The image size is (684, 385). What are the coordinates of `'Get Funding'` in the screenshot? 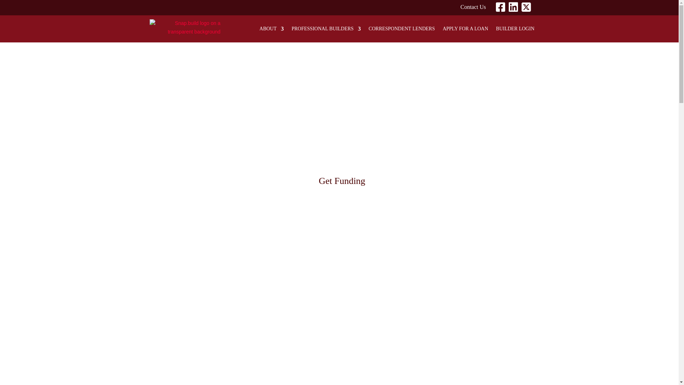 It's located at (342, 181).